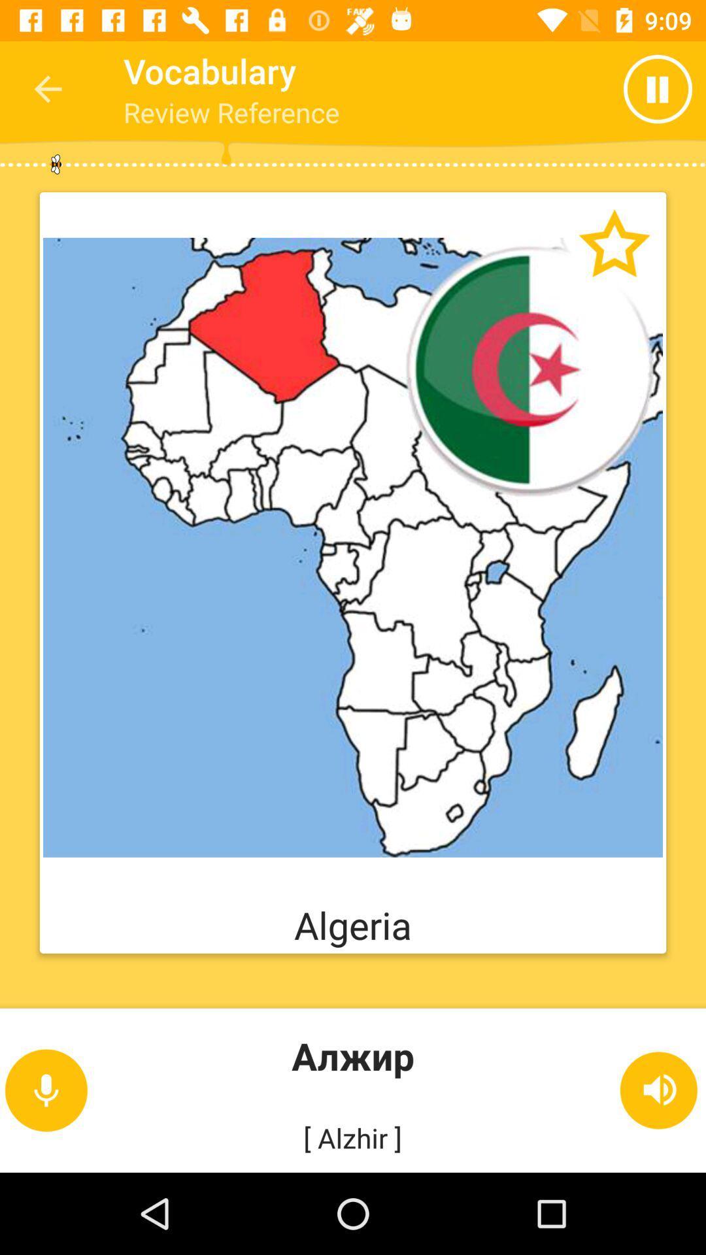  What do you see at coordinates (45, 1090) in the screenshot?
I see `the microphone icon` at bounding box center [45, 1090].